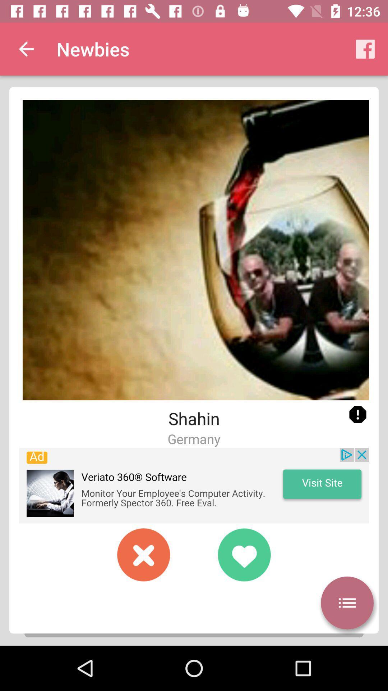 The width and height of the screenshot is (388, 691). Describe the element at coordinates (244, 554) in the screenshot. I see `to favorite` at that location.